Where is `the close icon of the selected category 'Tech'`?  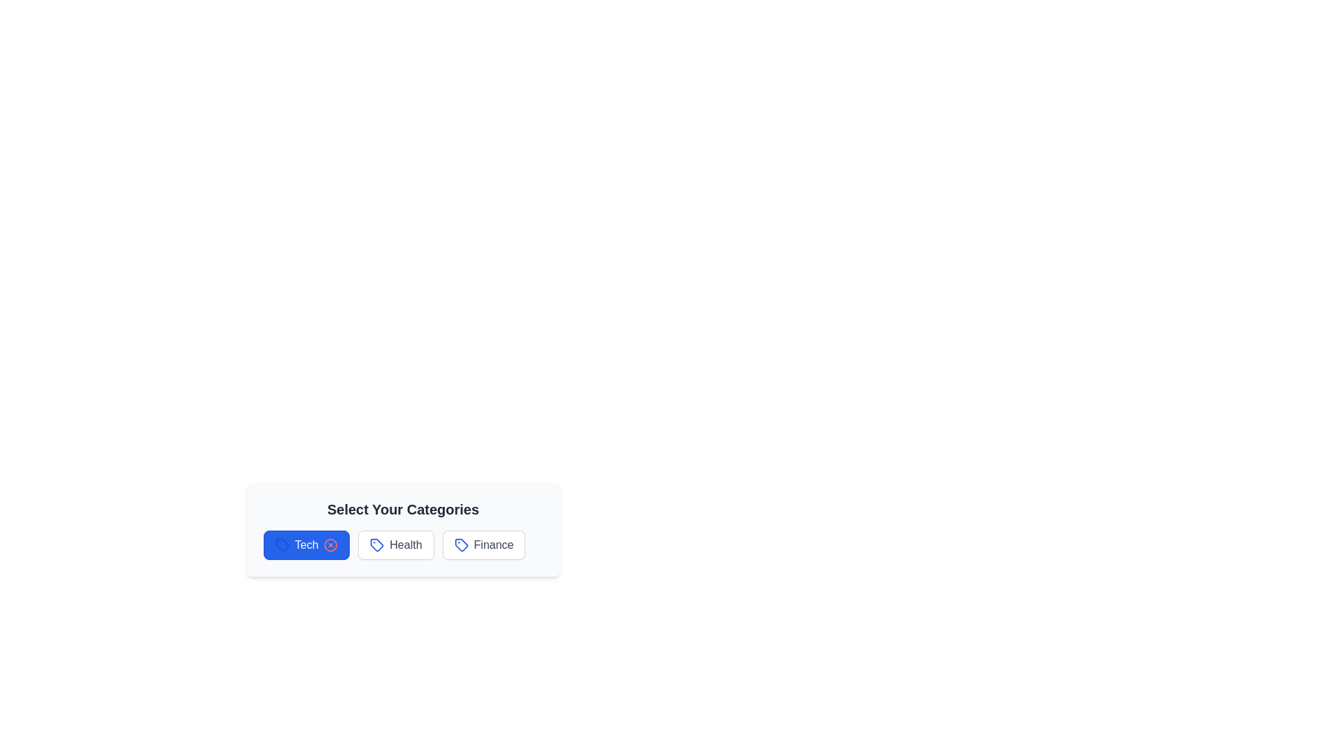 the close icon of the selected category 'Tech' is located at coordinates (330, 544).